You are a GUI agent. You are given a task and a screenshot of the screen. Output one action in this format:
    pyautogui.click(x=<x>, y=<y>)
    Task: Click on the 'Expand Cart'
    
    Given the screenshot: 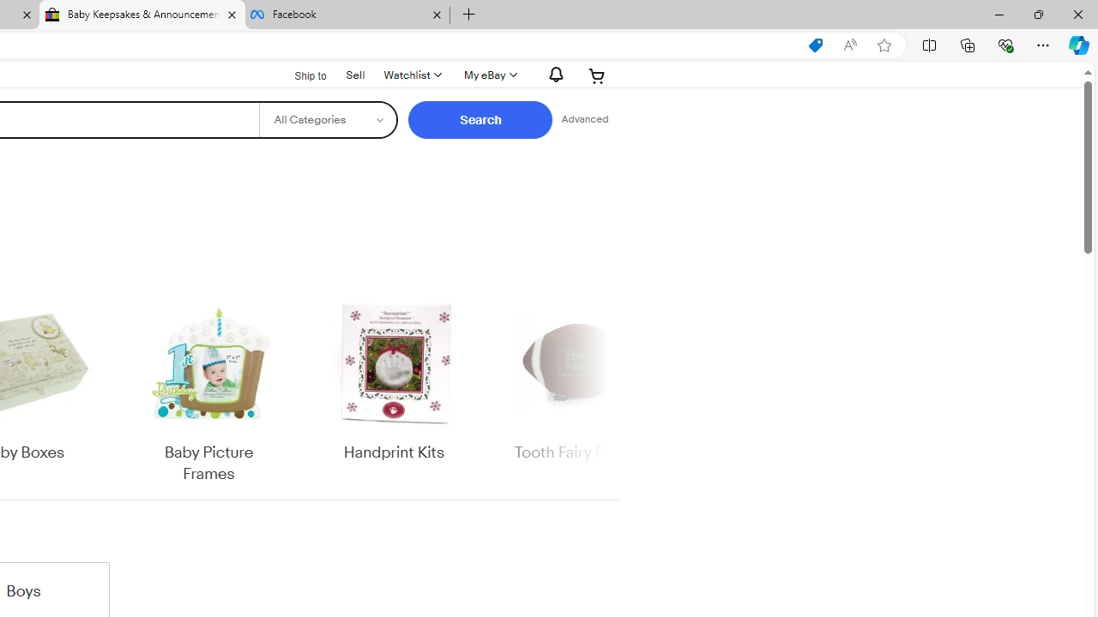 What is the action you would take?
    pyautogui.click(x=597, y=75)
    